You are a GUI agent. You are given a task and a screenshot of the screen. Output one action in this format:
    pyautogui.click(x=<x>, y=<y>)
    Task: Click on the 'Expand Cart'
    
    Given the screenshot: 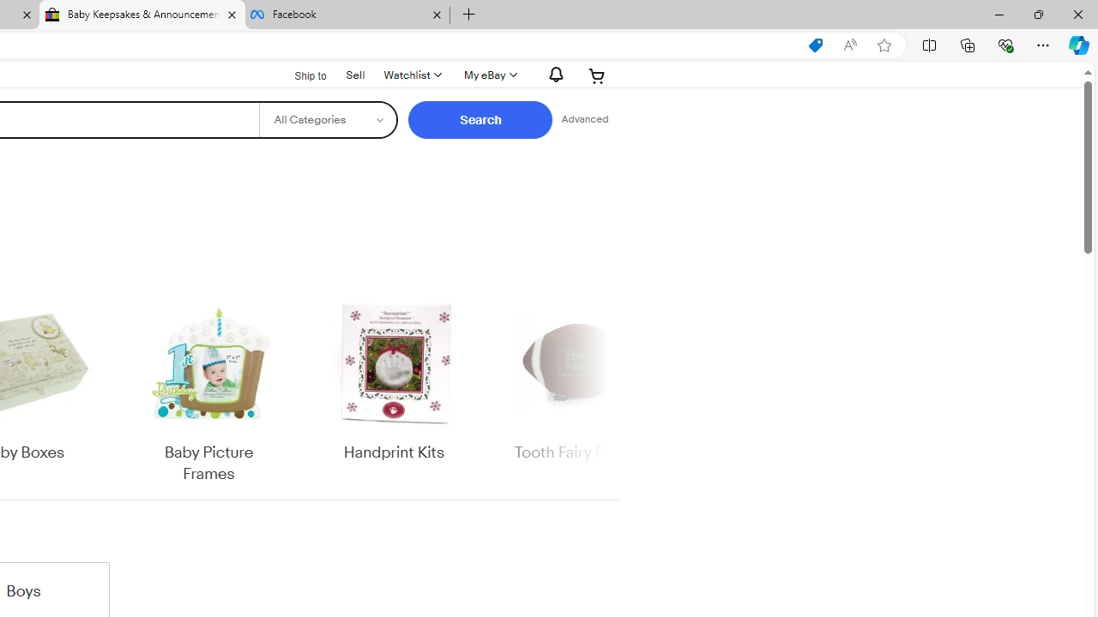 What is the action you would take?
    pyautogui.click(x=597, y=75)
    